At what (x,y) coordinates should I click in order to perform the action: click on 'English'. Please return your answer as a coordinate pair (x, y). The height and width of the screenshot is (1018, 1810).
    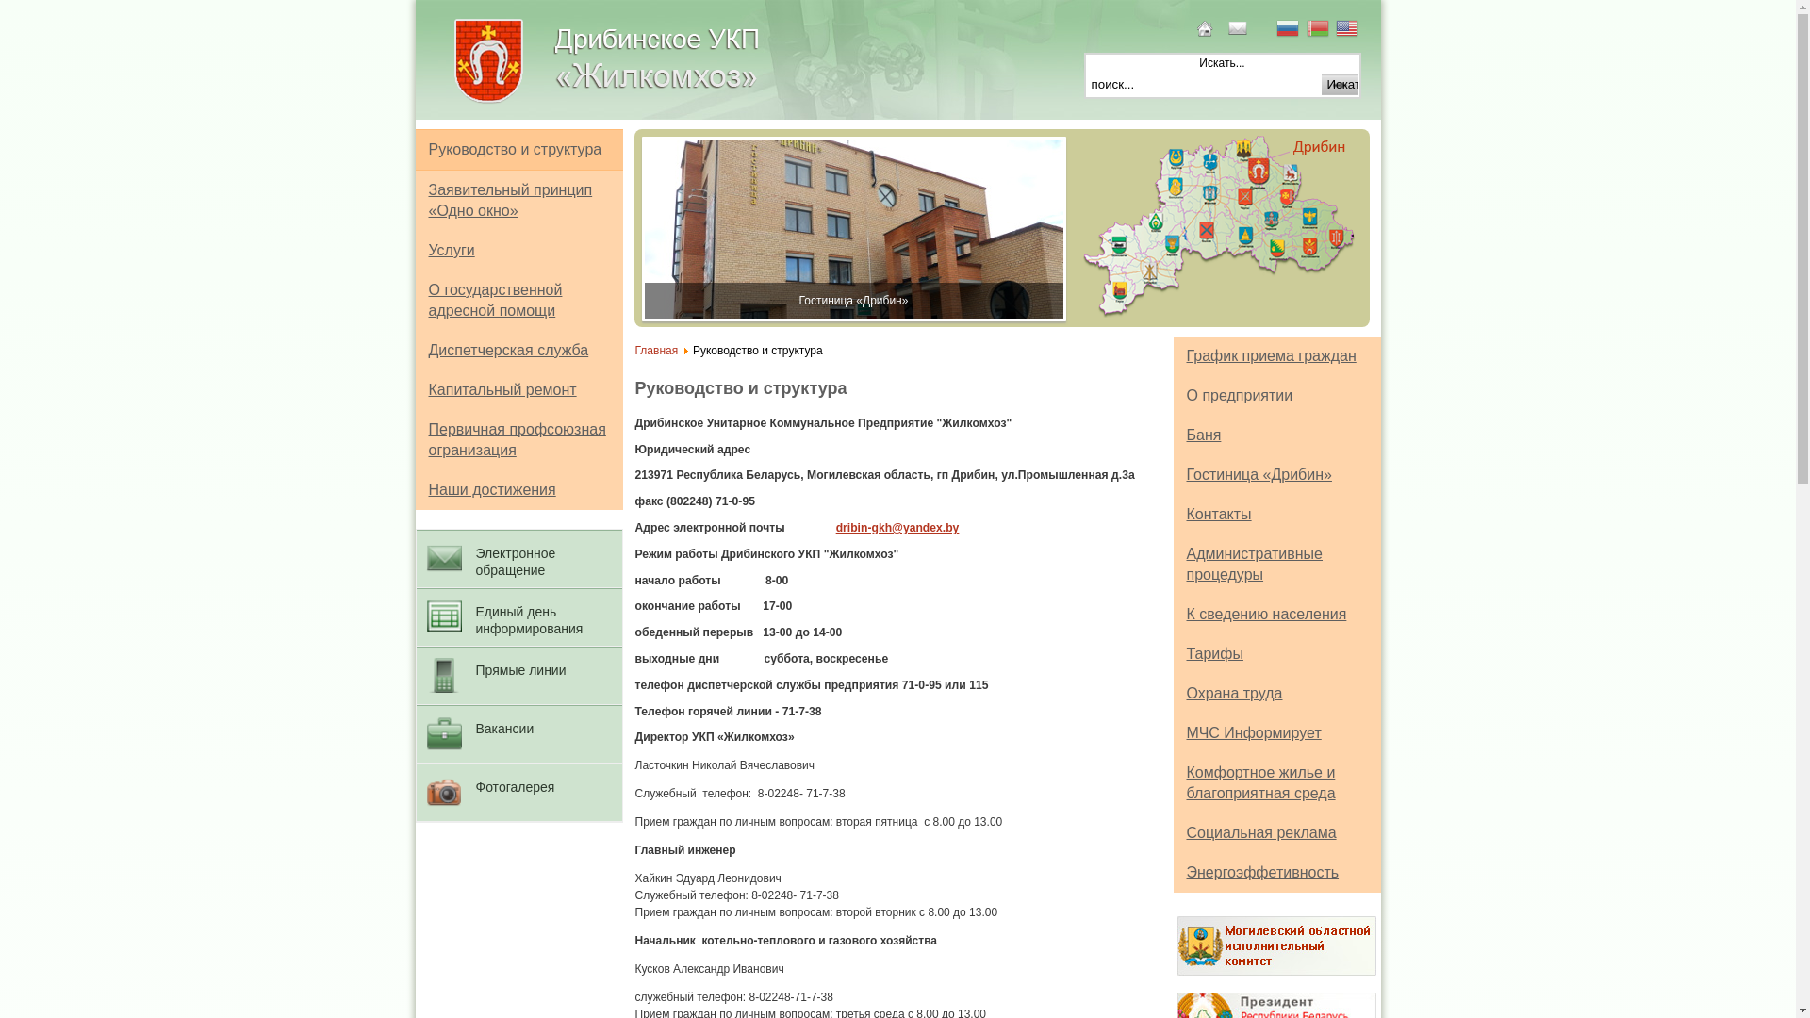
    Looking at the image, I should click on (1347, 30).